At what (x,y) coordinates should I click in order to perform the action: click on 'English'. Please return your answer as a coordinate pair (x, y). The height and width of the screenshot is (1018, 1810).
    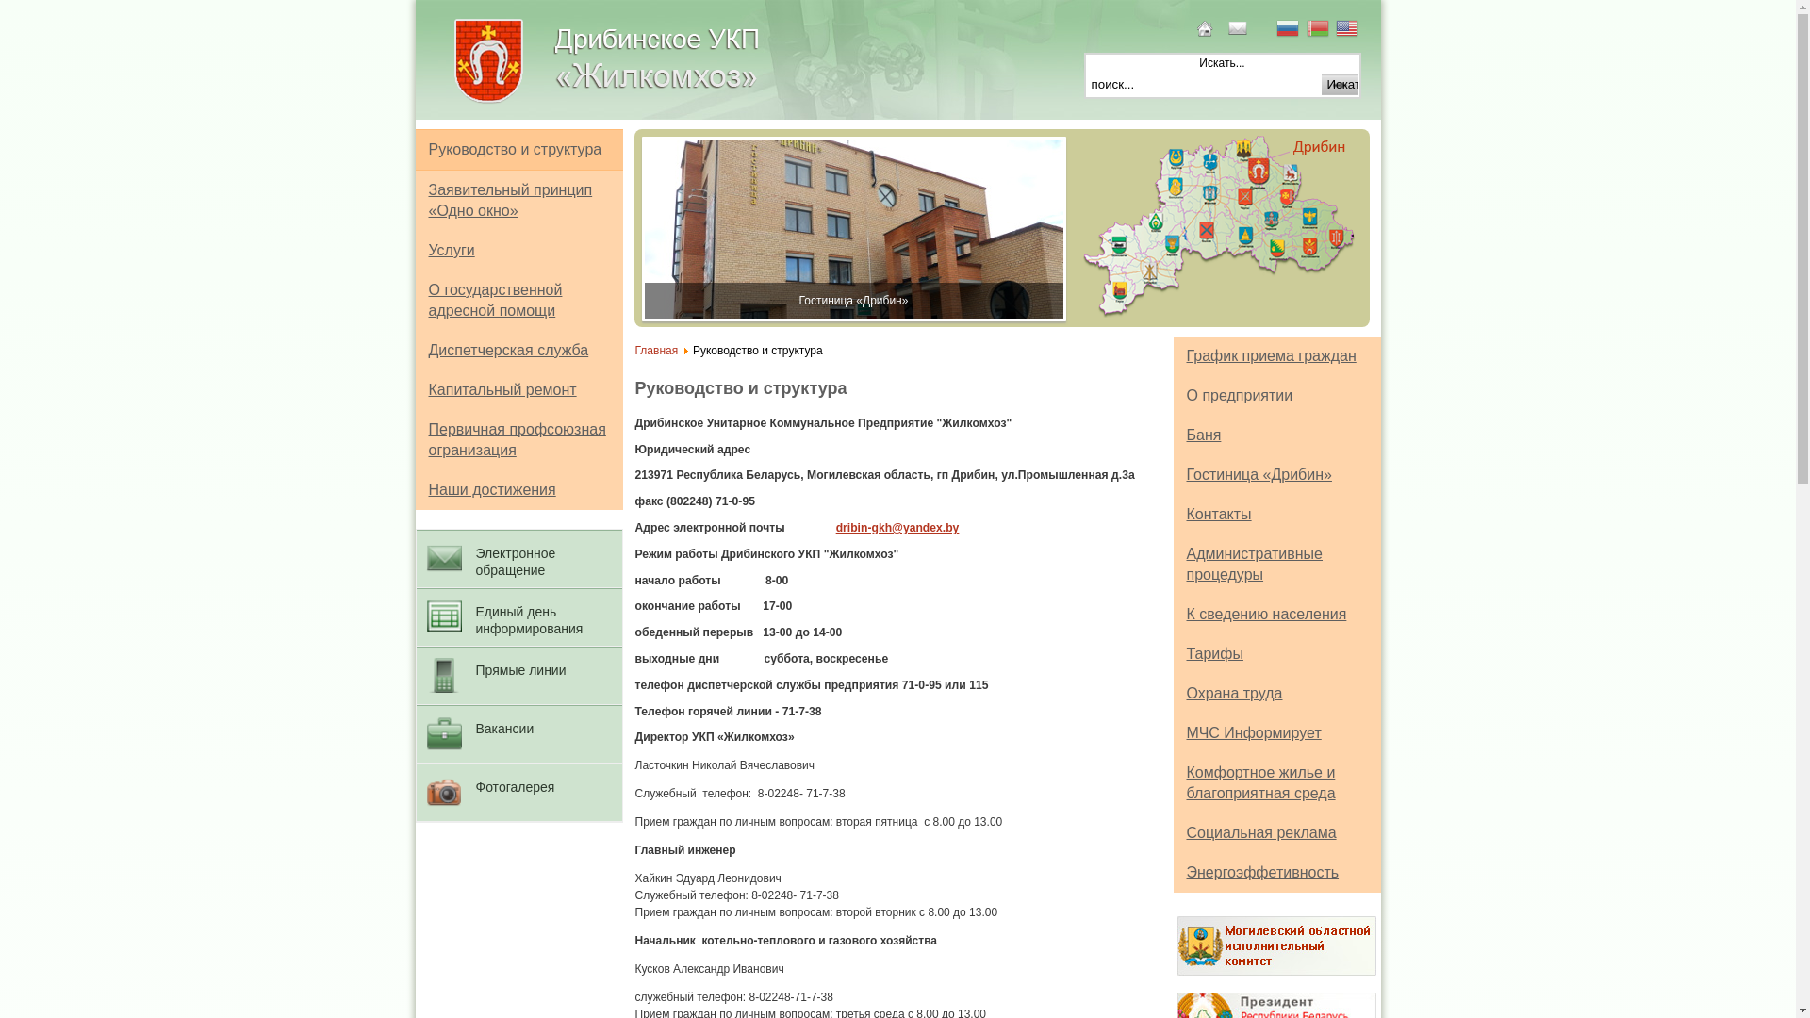
    Looking at the image, I should click on (1347, 30).